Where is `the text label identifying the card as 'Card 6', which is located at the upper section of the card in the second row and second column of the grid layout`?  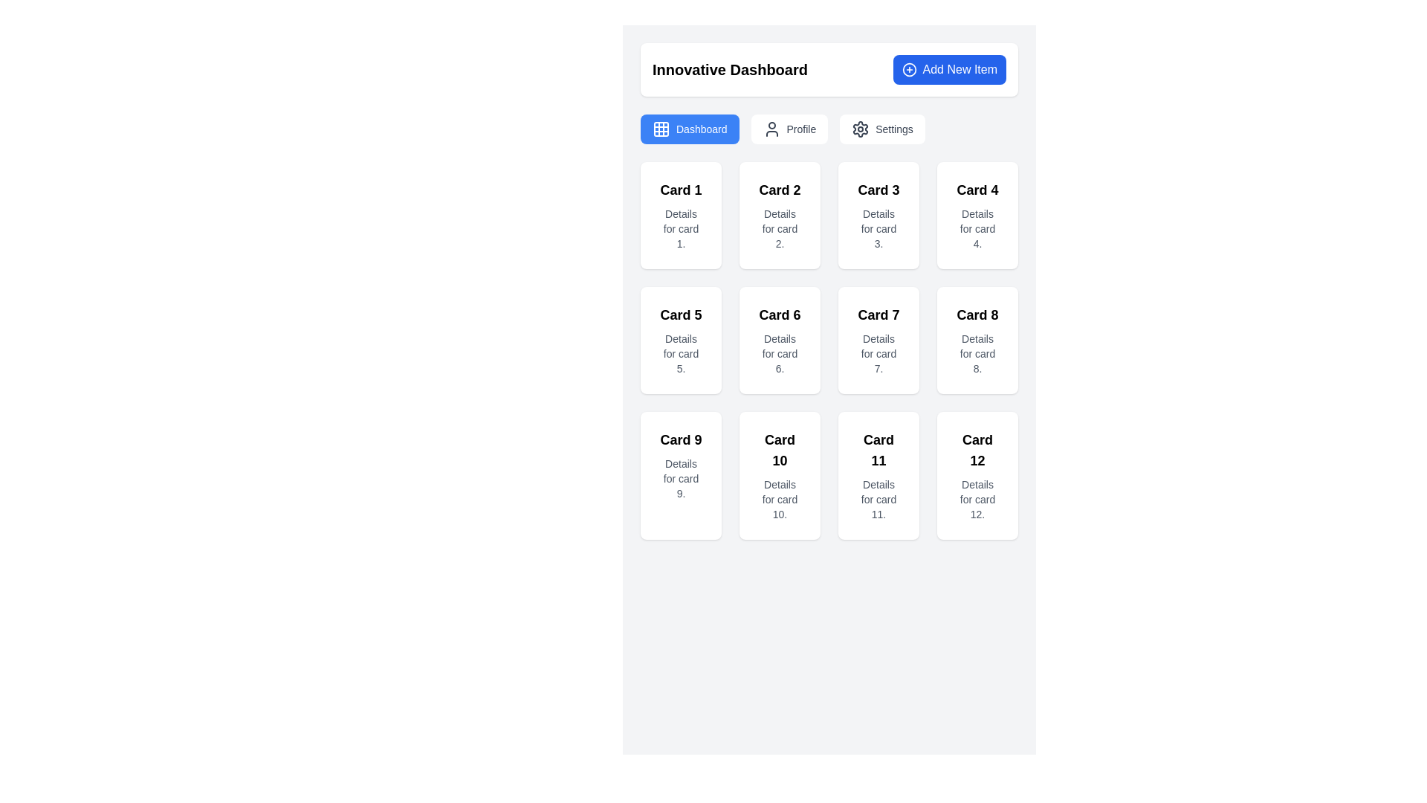 the text label identifying the card as 'Card 6', which is located at the upper section of the card in the second row and second column of the grid layout is located at coordinates (779, 315).